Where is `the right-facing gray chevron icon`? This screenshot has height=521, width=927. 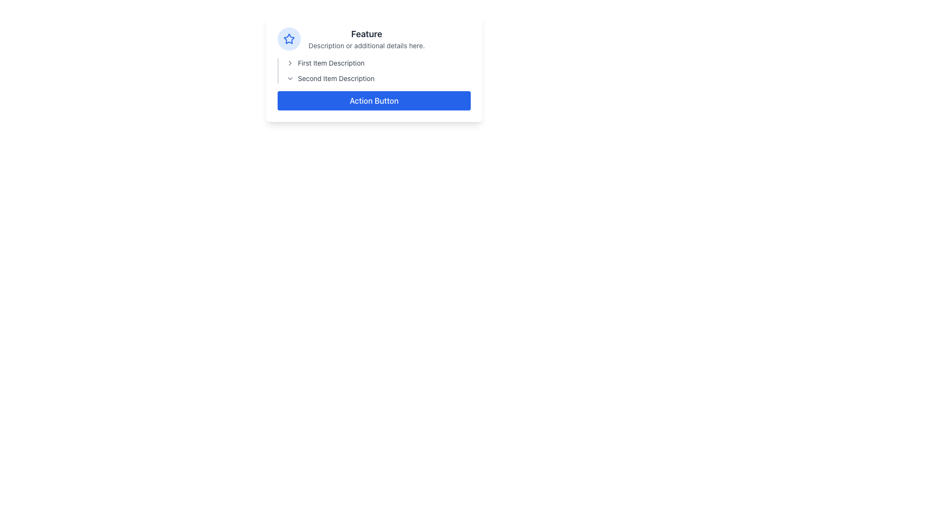 the right-facing gray chevron icon is located at coordinates (289, 63).